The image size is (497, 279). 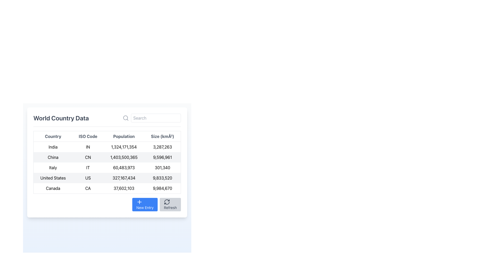 What do you see at coordinates (162, 188) in the screenshot?
I see `the static text label displaying the value '9,984,670' located in the rightmost cell of the row for 'Canada'` at bounding box center [162, 188].